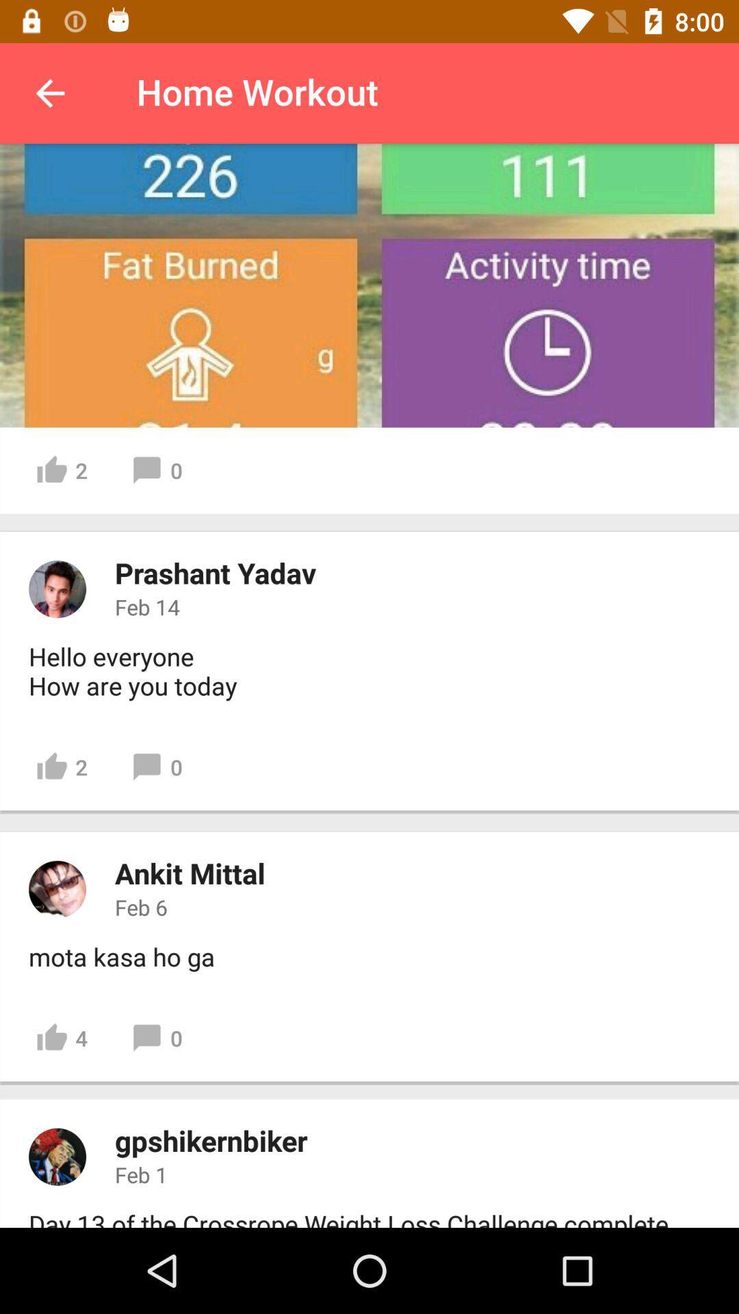 The width and height of the screenshot is (739, 1314). I want to click on users profile, so click(57, 1156).